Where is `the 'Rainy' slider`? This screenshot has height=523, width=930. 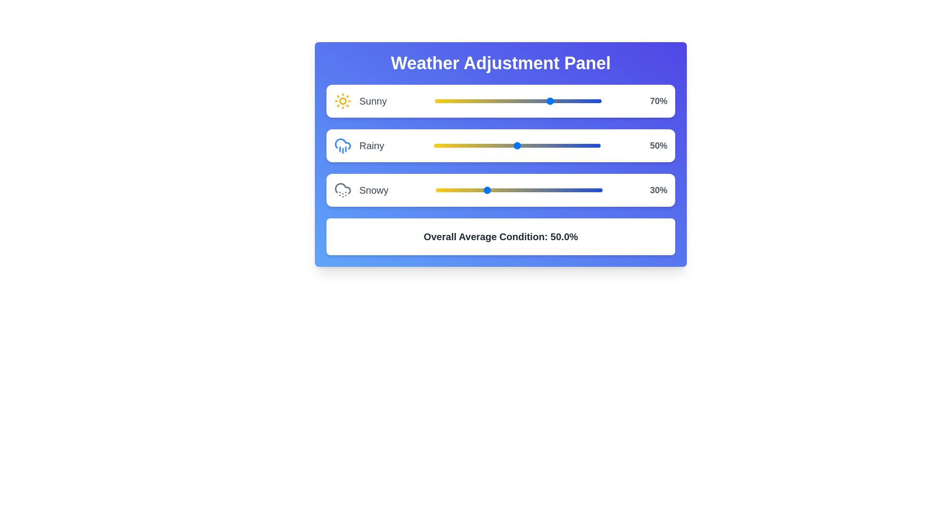
the 'Rainy' slider is located at coordinates (505, 145).